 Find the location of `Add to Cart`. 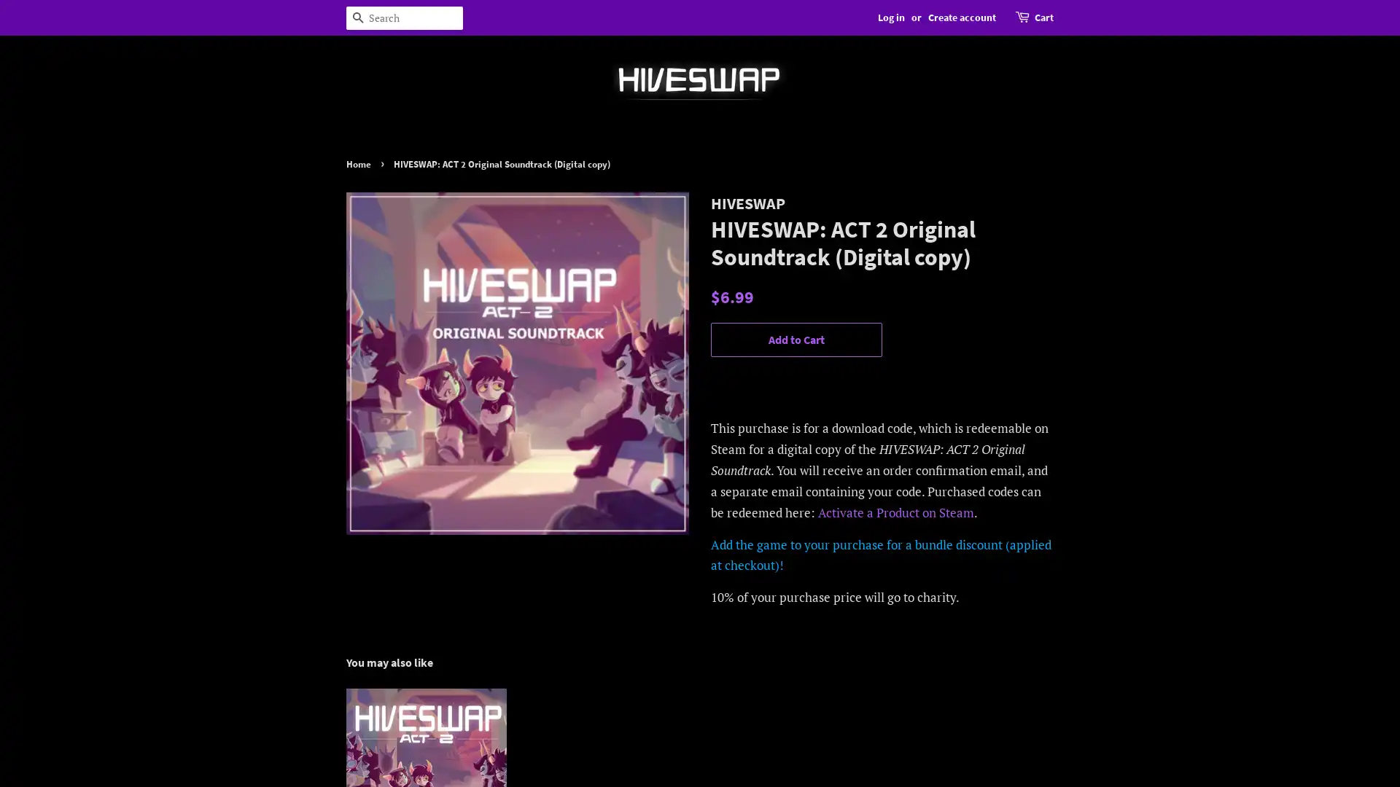

Add to Cart is located at coordinates (796, 340).